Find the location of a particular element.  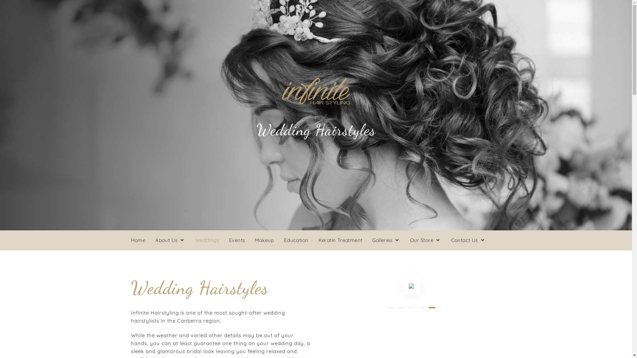

'Education' is located at coordinates (279, 240).